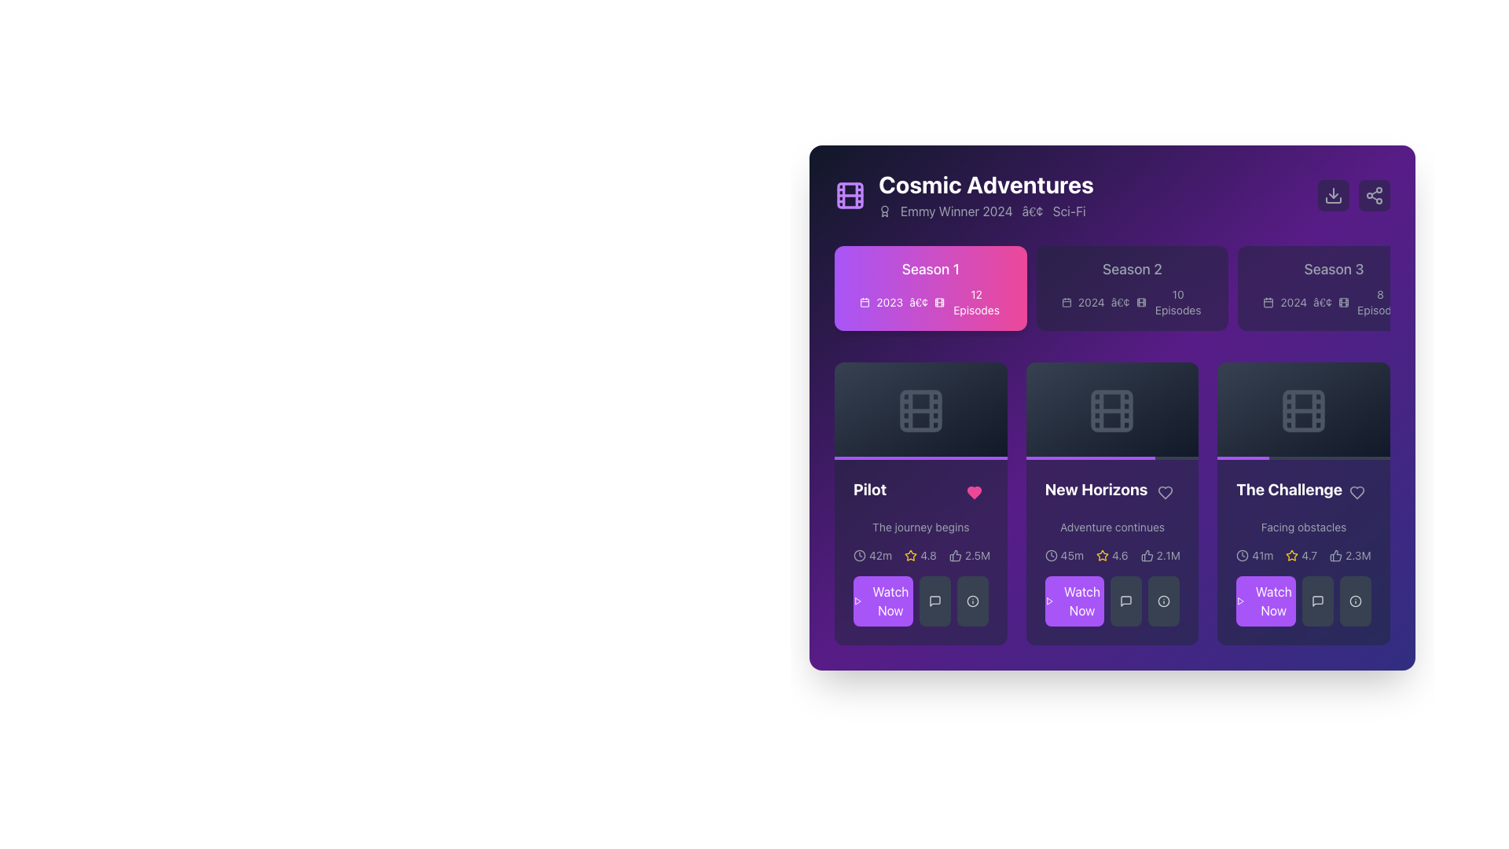 This screenshot has height=849, width=1509. Describe the element at coordinates (928, 554) in the screenshot. I see `numerical rating displayed as '4.8' styled in light gray font against a dark purple background, located in the bottom-left card titled 'Pilot' next to the yellow star icon` at that location.